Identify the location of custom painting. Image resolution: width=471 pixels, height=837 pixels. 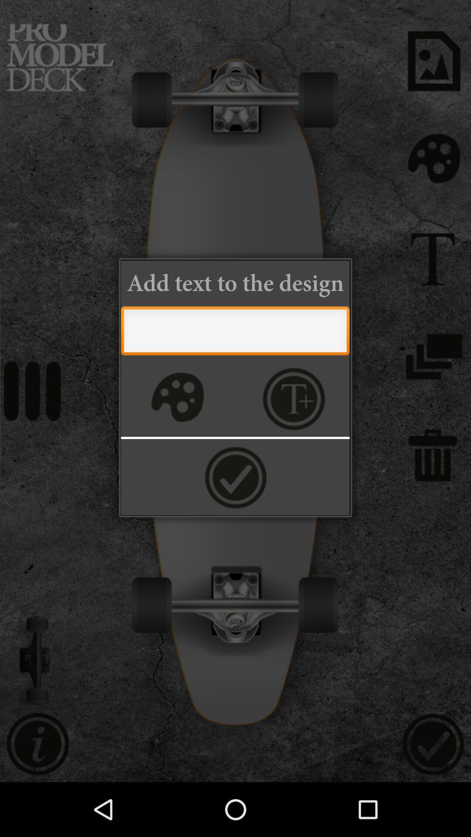
(176, 398).